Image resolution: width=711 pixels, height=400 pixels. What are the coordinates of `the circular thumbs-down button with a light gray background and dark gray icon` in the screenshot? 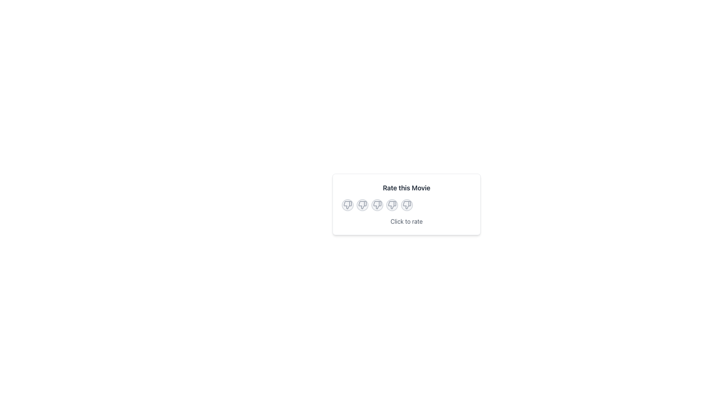 It's located at (363, 205).